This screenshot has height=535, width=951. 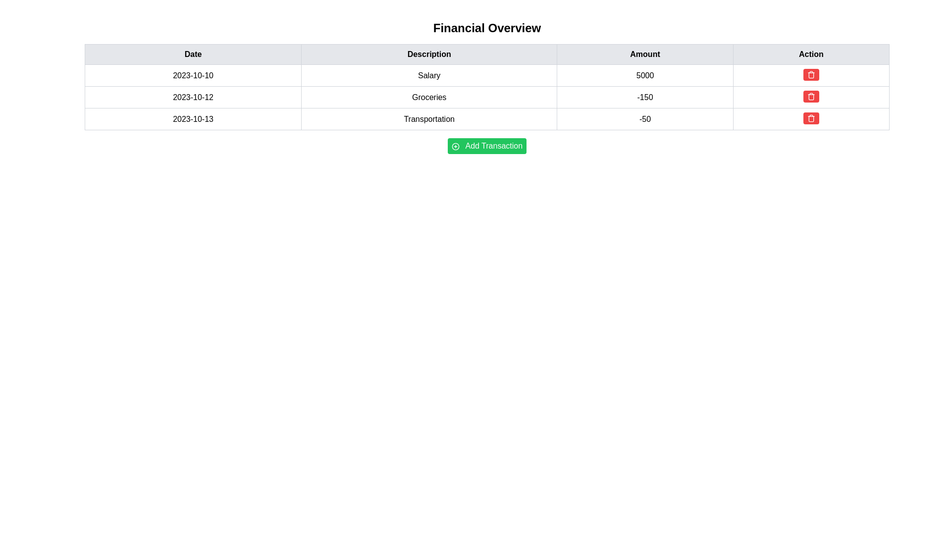 I want to click on the header label indicating monetary amounts in the table, located between 'Description' and 'Action' in the header row, so click(x=645, y=54).